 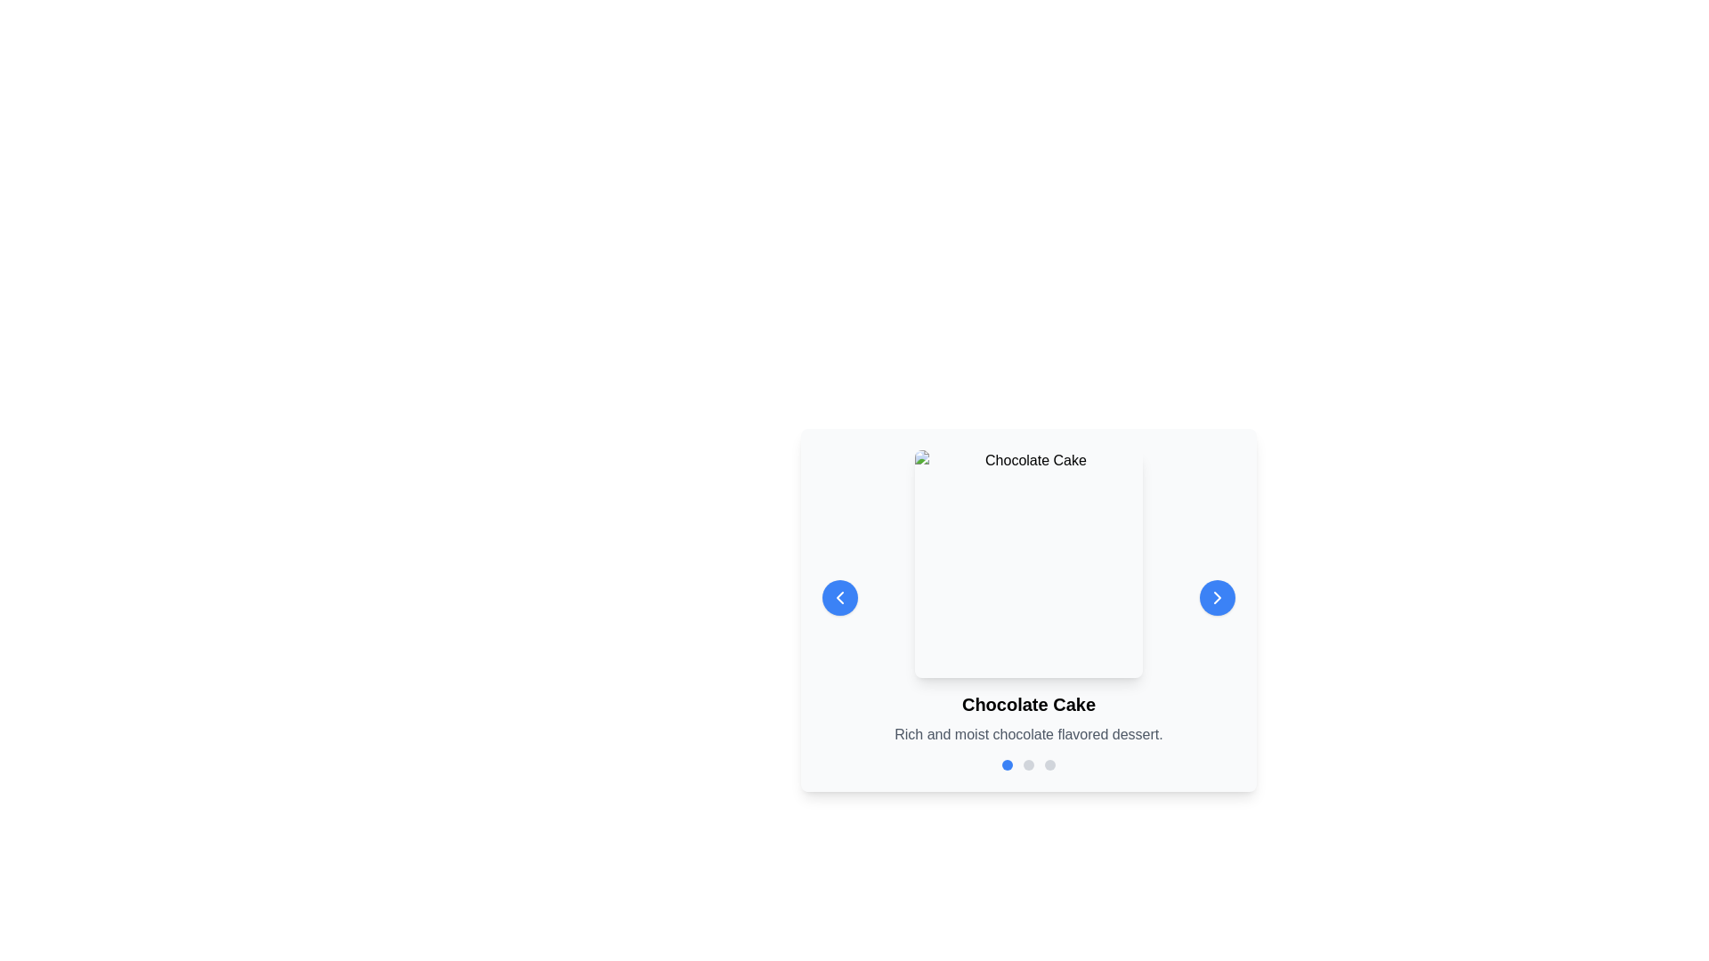 What do you see at coordinates (1029, 764) in the screenshot?
I see `the second Carousel indicator dot, which is a small circular dot in light gray color located below the 'Chocolate Cake' text block` at bounding box center [1029, 764].